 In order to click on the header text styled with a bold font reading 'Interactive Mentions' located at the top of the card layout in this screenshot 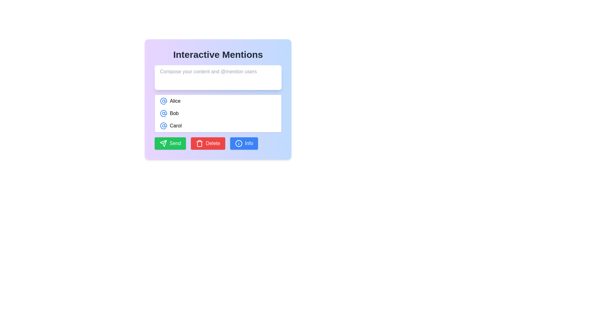, I will do `click(218, 54)`.